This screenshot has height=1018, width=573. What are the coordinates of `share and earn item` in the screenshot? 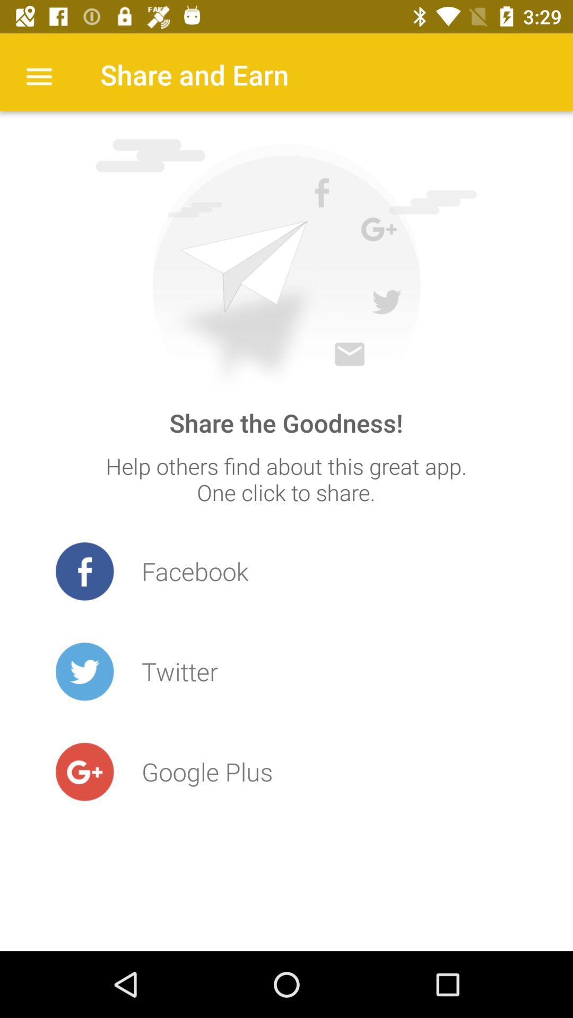 It's located at (194, 74).